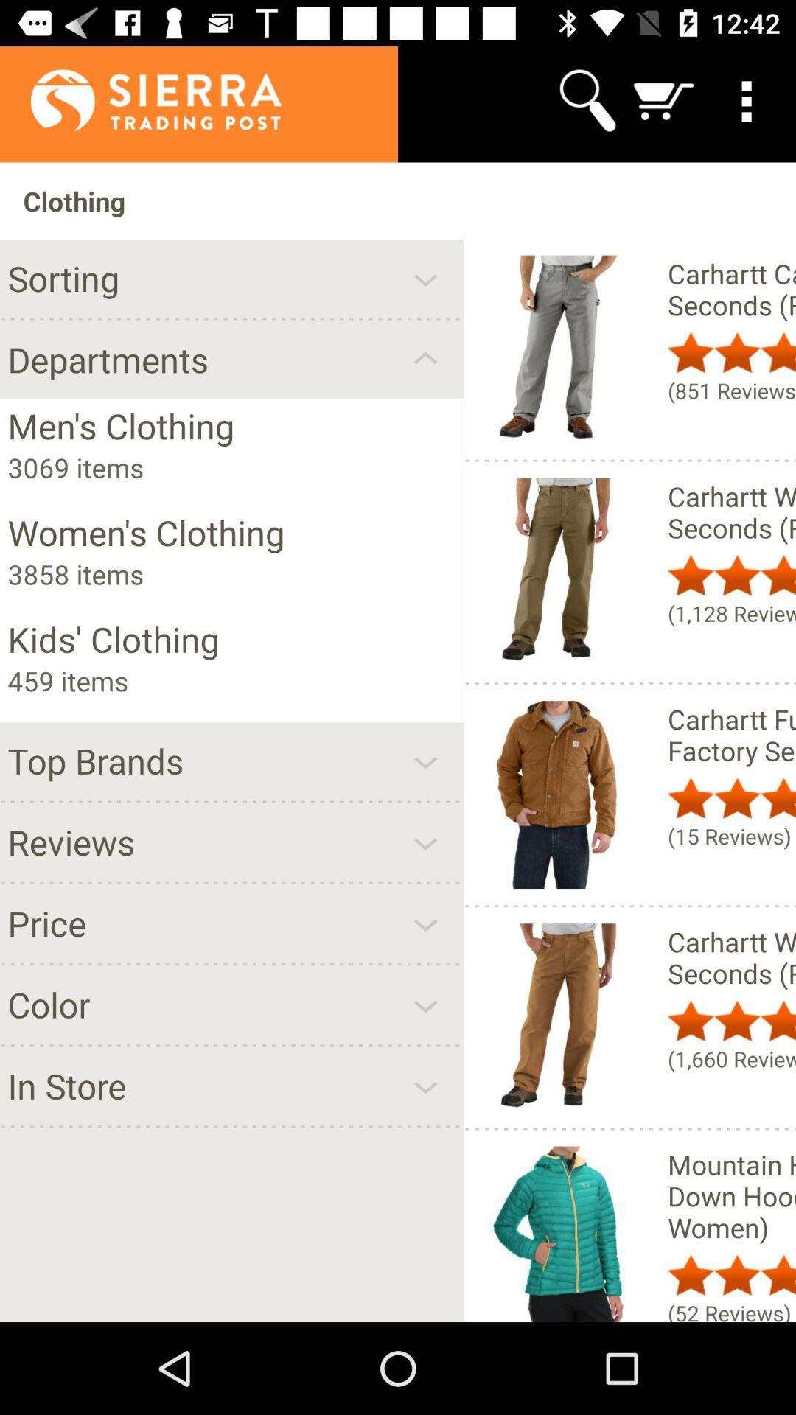  What do you see at coordinates (731, 735) in the screenshot?
I see `carhartt full swing` at bounding box center [731, 735].